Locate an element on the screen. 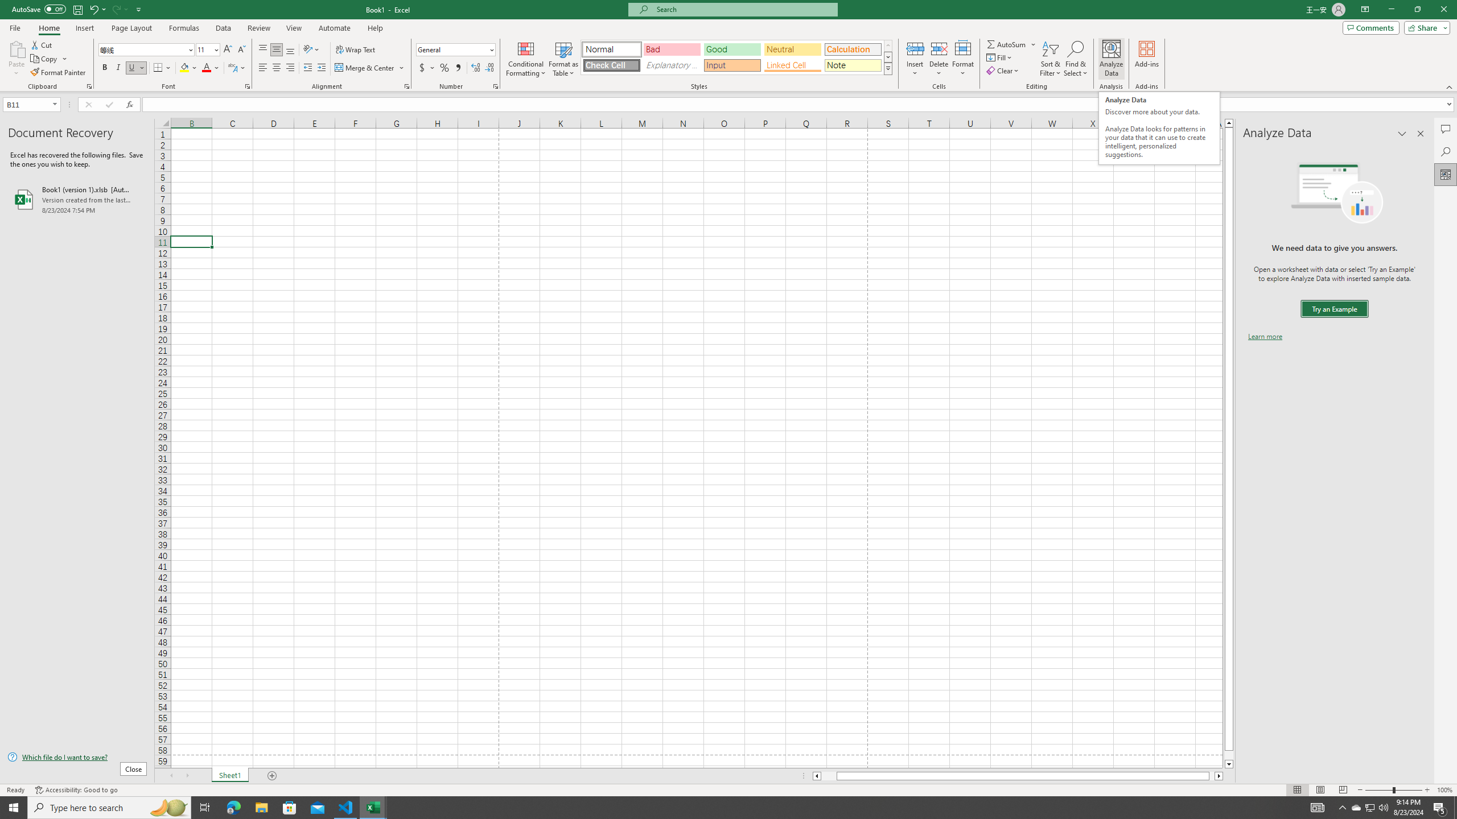 This screenshot has height=819, width=1457. 'Delete' is located at coordinates (938, 59).